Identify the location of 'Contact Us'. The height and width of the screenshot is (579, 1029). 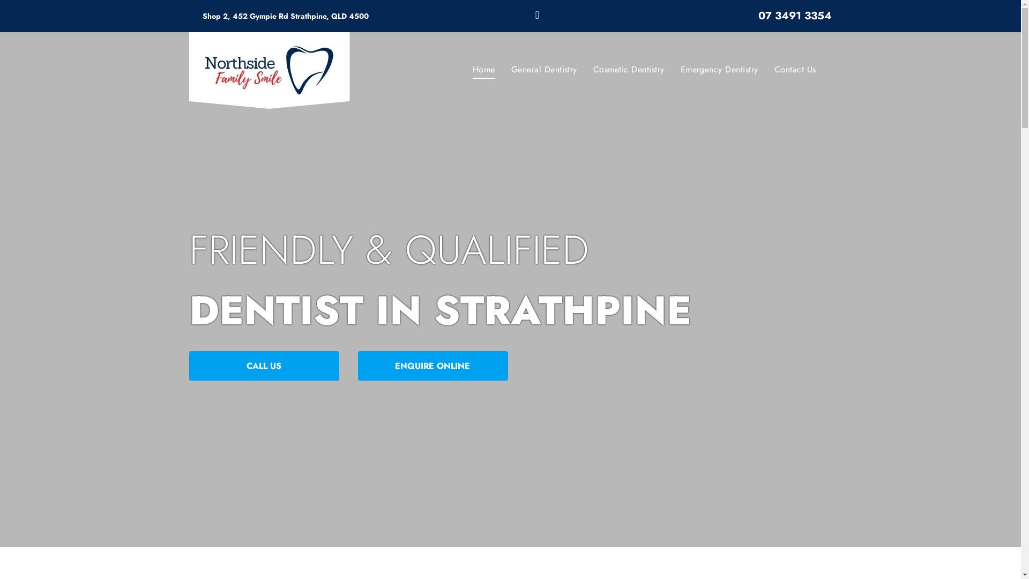
(766, 70).